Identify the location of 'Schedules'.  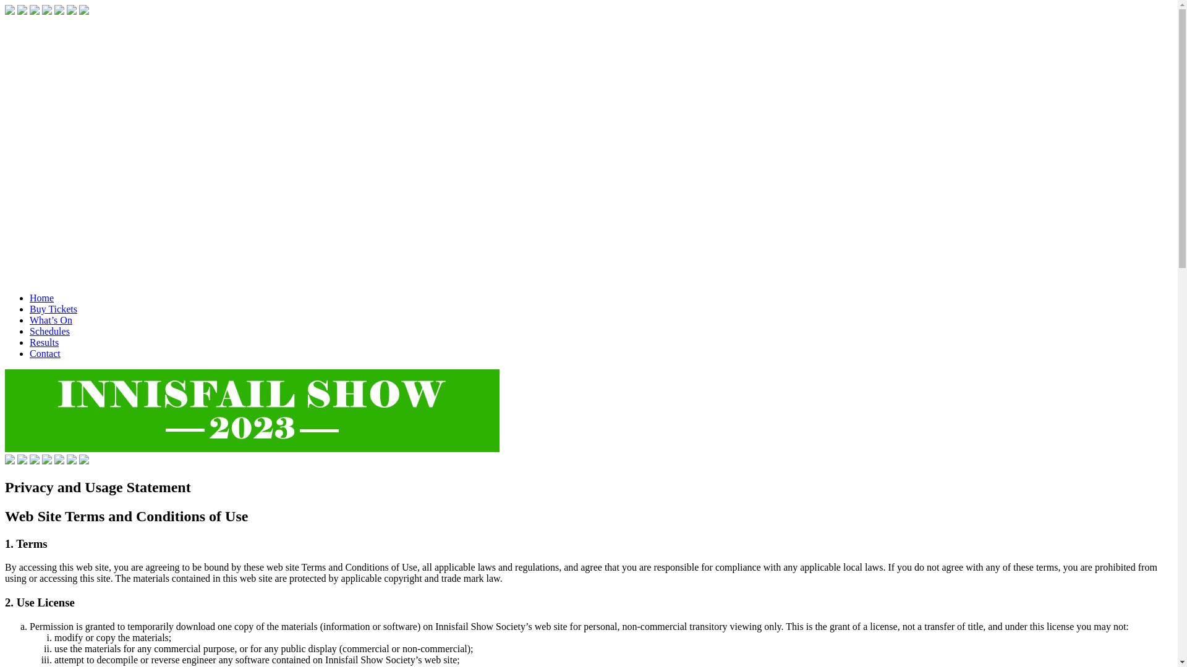
(30, 330).